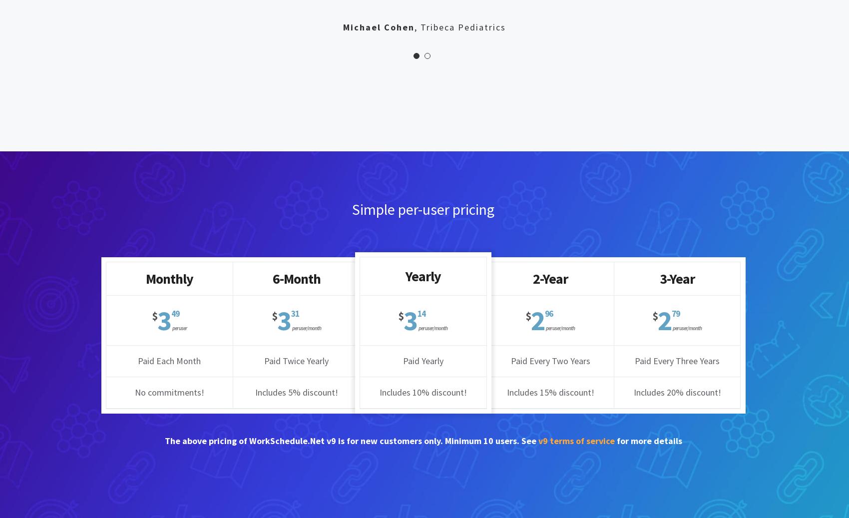  I want to click on 'Includes 15% discount!', so click(550, 392).